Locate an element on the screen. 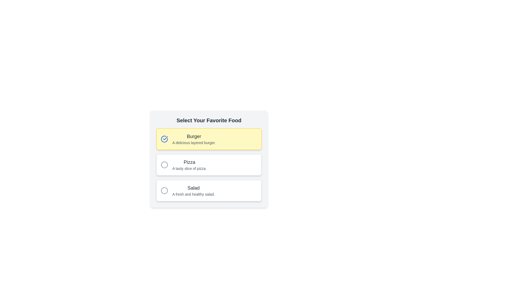 The image size is (506, 284). the title text for the 'Burger' selection option, which is centered above the description 'A delicious layered burger' within a yellow-highlighted background is located at coordinates (194, 136).